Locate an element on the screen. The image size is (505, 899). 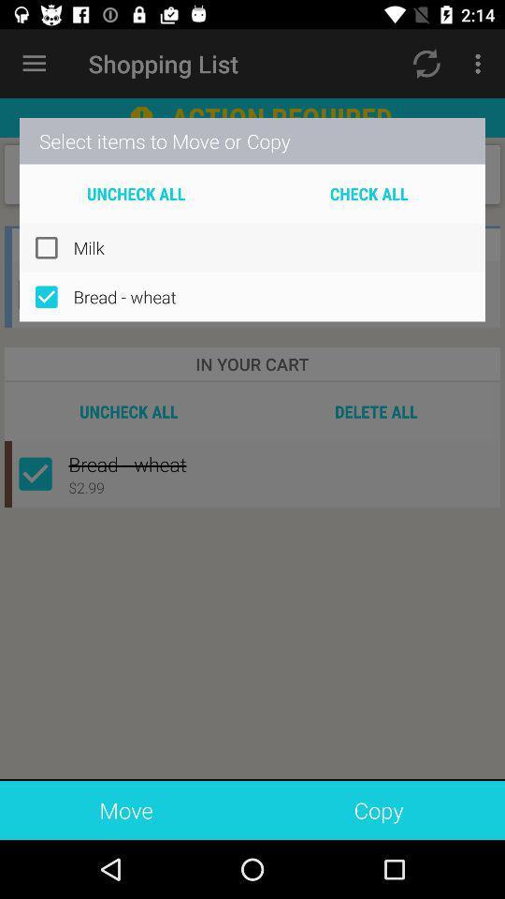
the icon above the milk icon is located at coordinates (368, 193).